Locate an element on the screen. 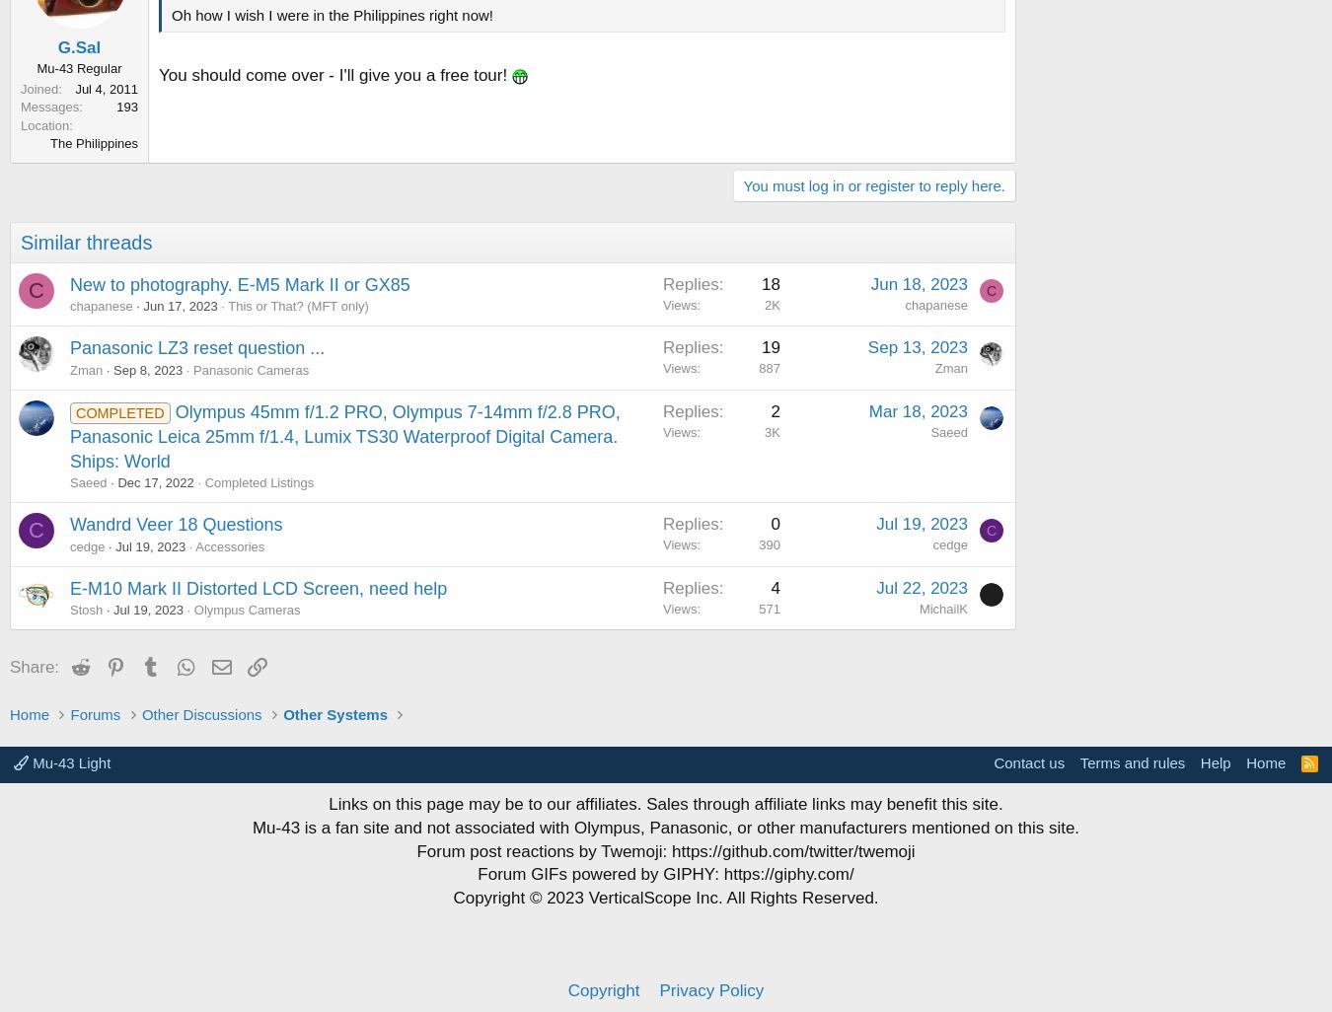 Image resolution: width=1332 pixels, height=1012 pixels. 'Jul 4, 2011' is located at coordinates (106, 88).